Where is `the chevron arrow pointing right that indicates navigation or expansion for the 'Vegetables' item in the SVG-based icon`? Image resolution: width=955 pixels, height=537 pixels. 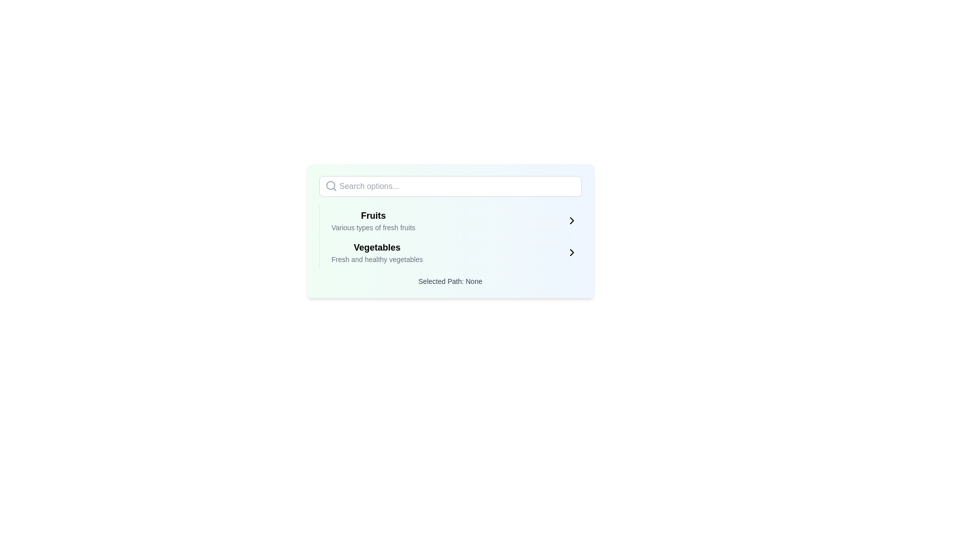
the chevron arrow pointing right that indicates navigation or expansion for the 'Vegetables' item in the SVG-based icon is located at coordinates (572, 252).